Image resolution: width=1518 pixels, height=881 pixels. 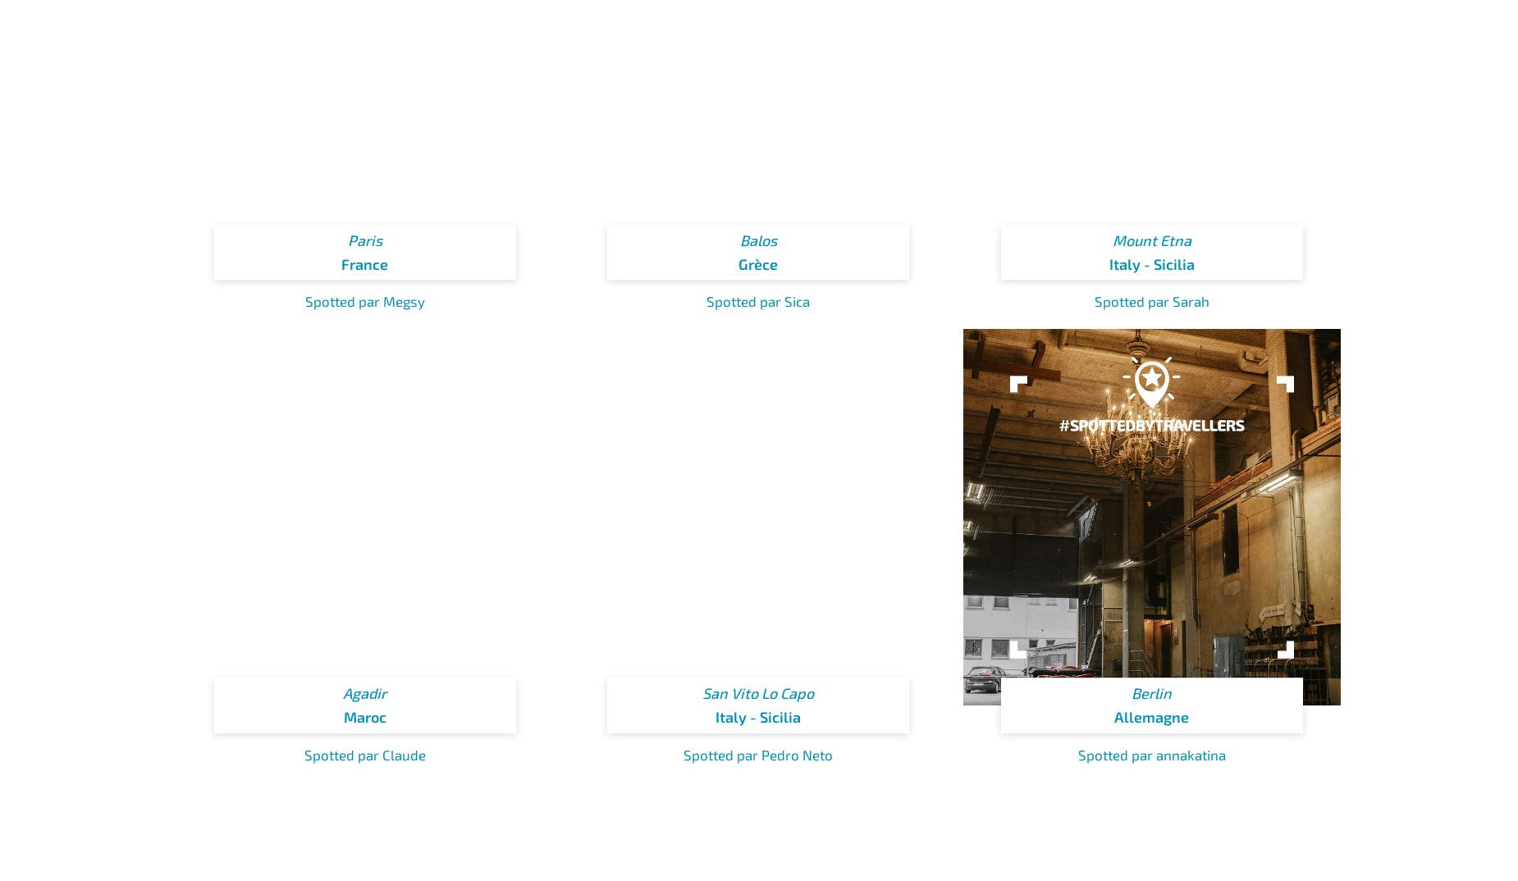 I want to click on 'Maroc', so click(x=363, y=716).